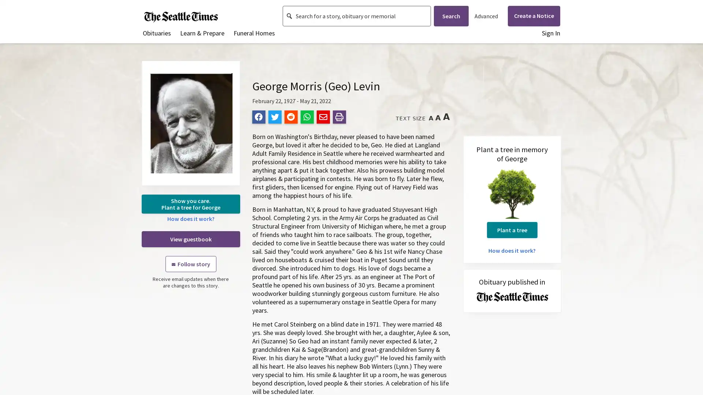  What do you see at coordinates (450, 16) in the screenshot?
I see `Search` at bounding box center [450, 16].